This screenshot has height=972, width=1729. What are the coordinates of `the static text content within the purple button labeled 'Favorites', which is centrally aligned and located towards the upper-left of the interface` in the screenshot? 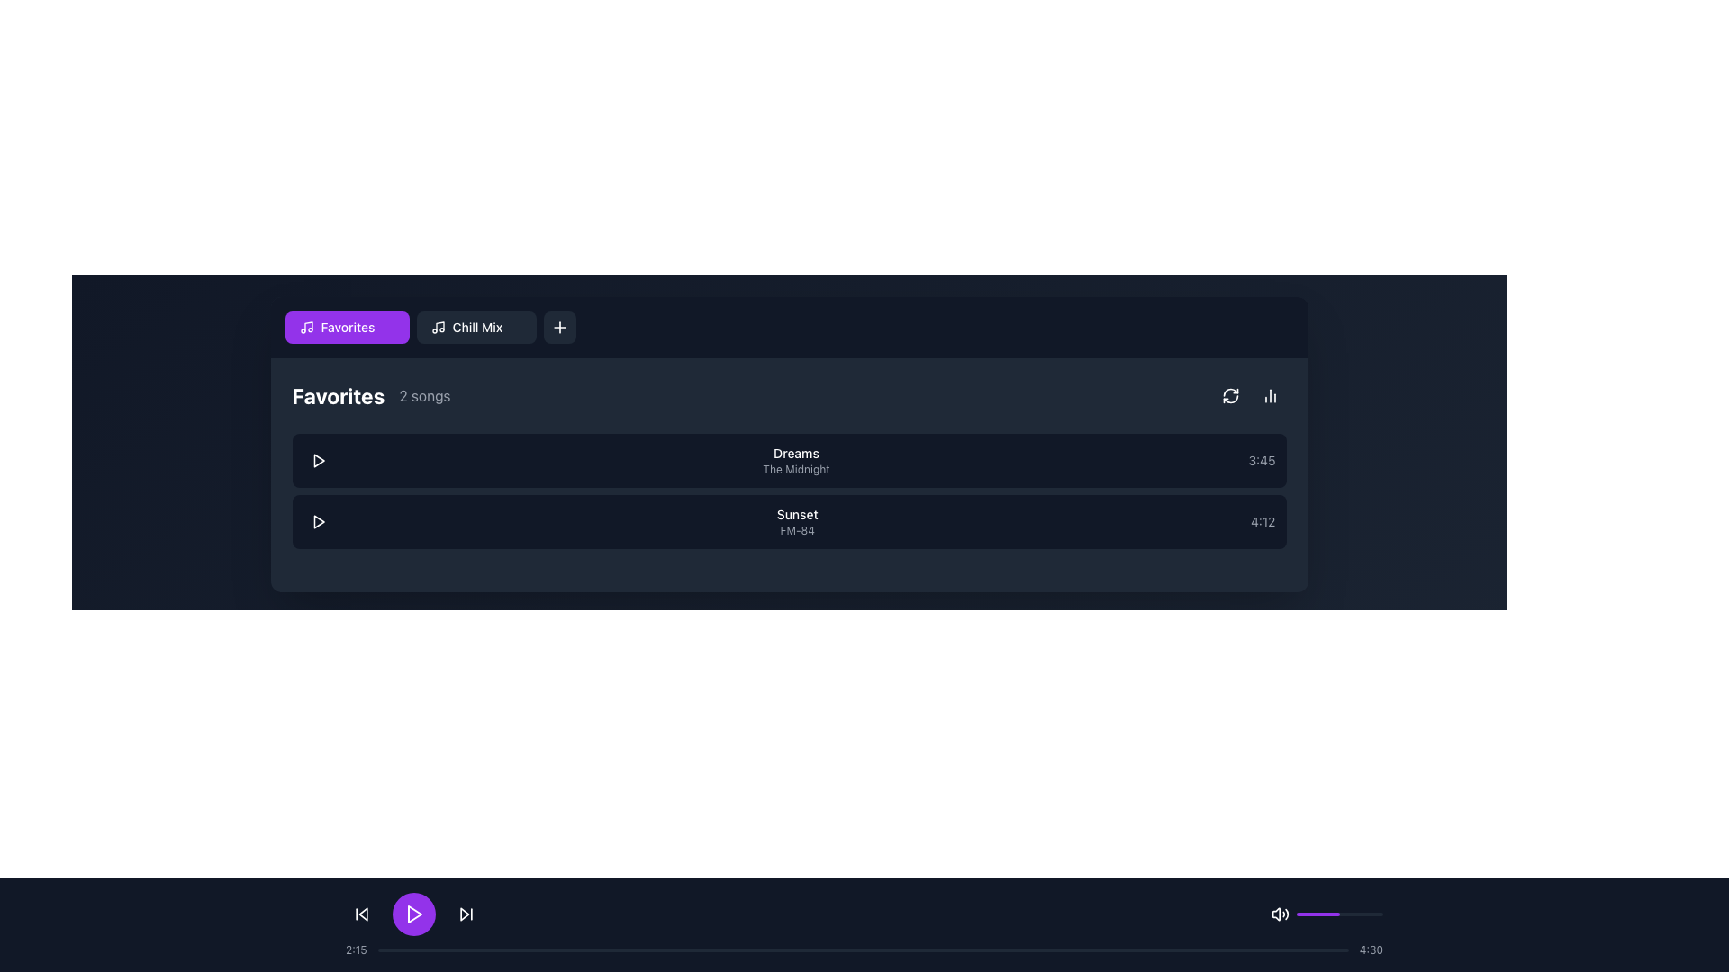 It's located at (348, 327).